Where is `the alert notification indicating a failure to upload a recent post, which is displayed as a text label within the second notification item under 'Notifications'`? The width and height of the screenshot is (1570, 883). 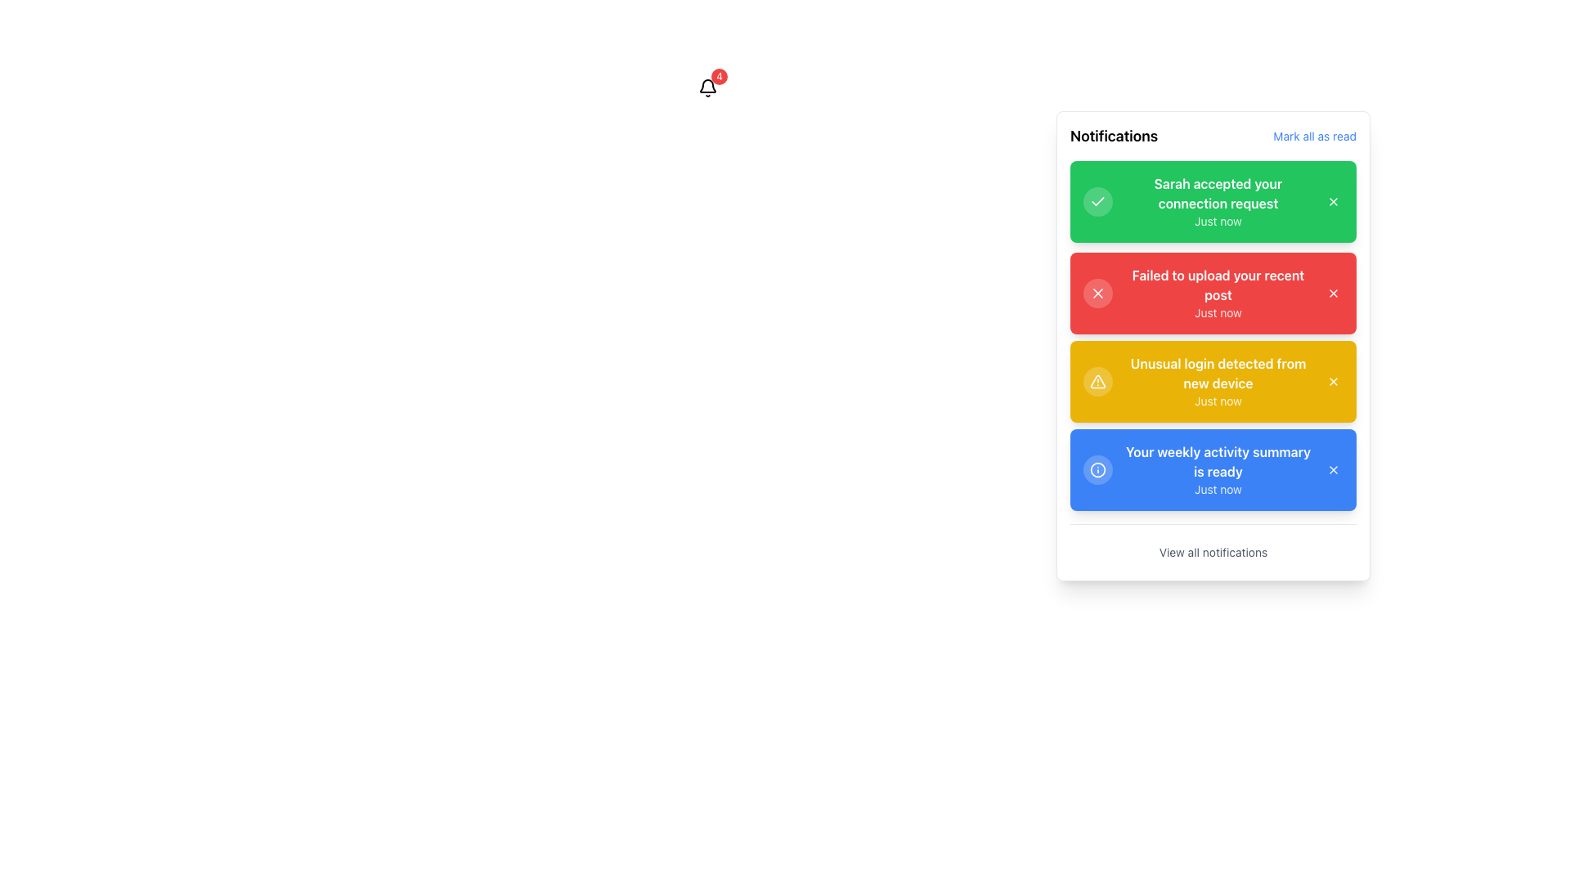 the alert notification indicating a failure to upload a recent post, which is displayed as a text label within the second notification item under 'Notifications' is located at coordinates (1218, 284).